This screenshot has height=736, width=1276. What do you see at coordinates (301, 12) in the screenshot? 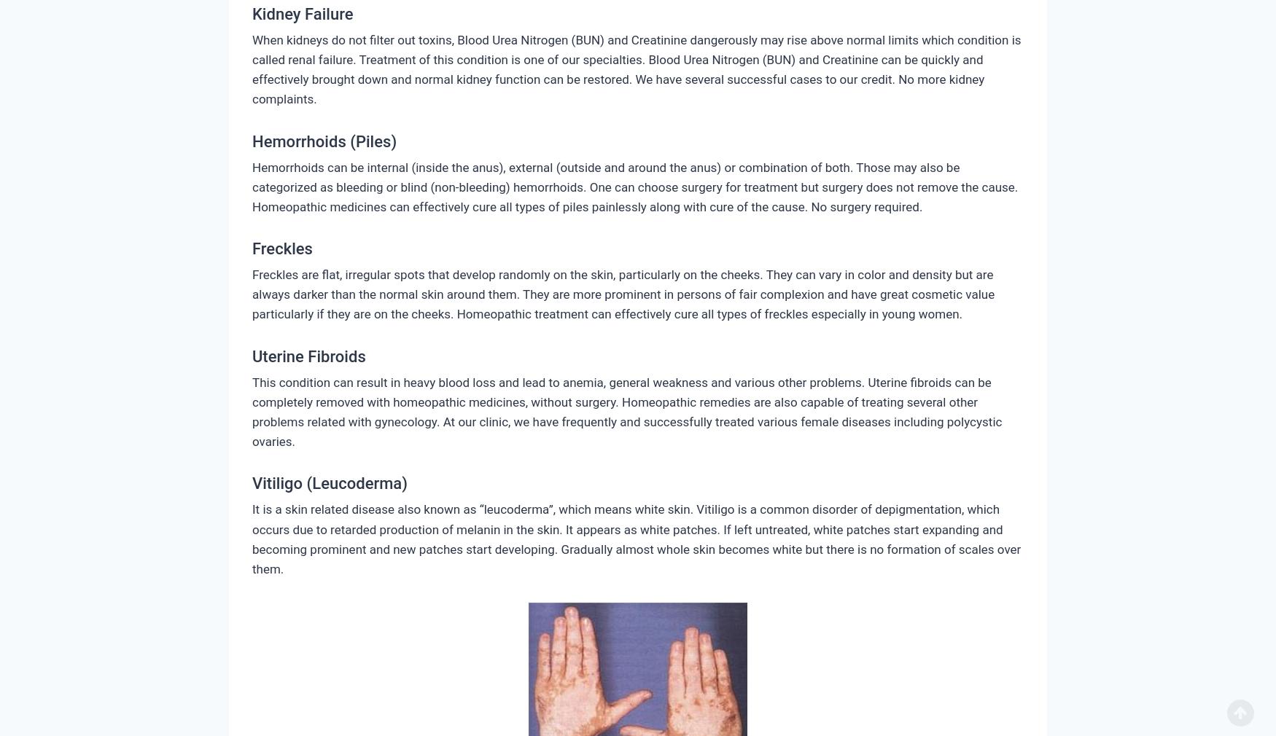
I see `'Kidney Failure'` at bounding box center [301, 12].